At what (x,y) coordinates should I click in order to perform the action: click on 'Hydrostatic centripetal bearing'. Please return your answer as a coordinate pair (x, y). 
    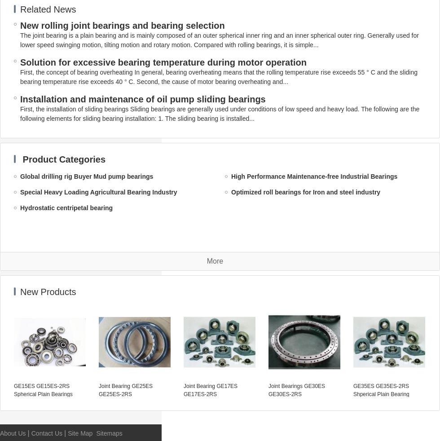
    Looking at the image, I should click on (66, 208).